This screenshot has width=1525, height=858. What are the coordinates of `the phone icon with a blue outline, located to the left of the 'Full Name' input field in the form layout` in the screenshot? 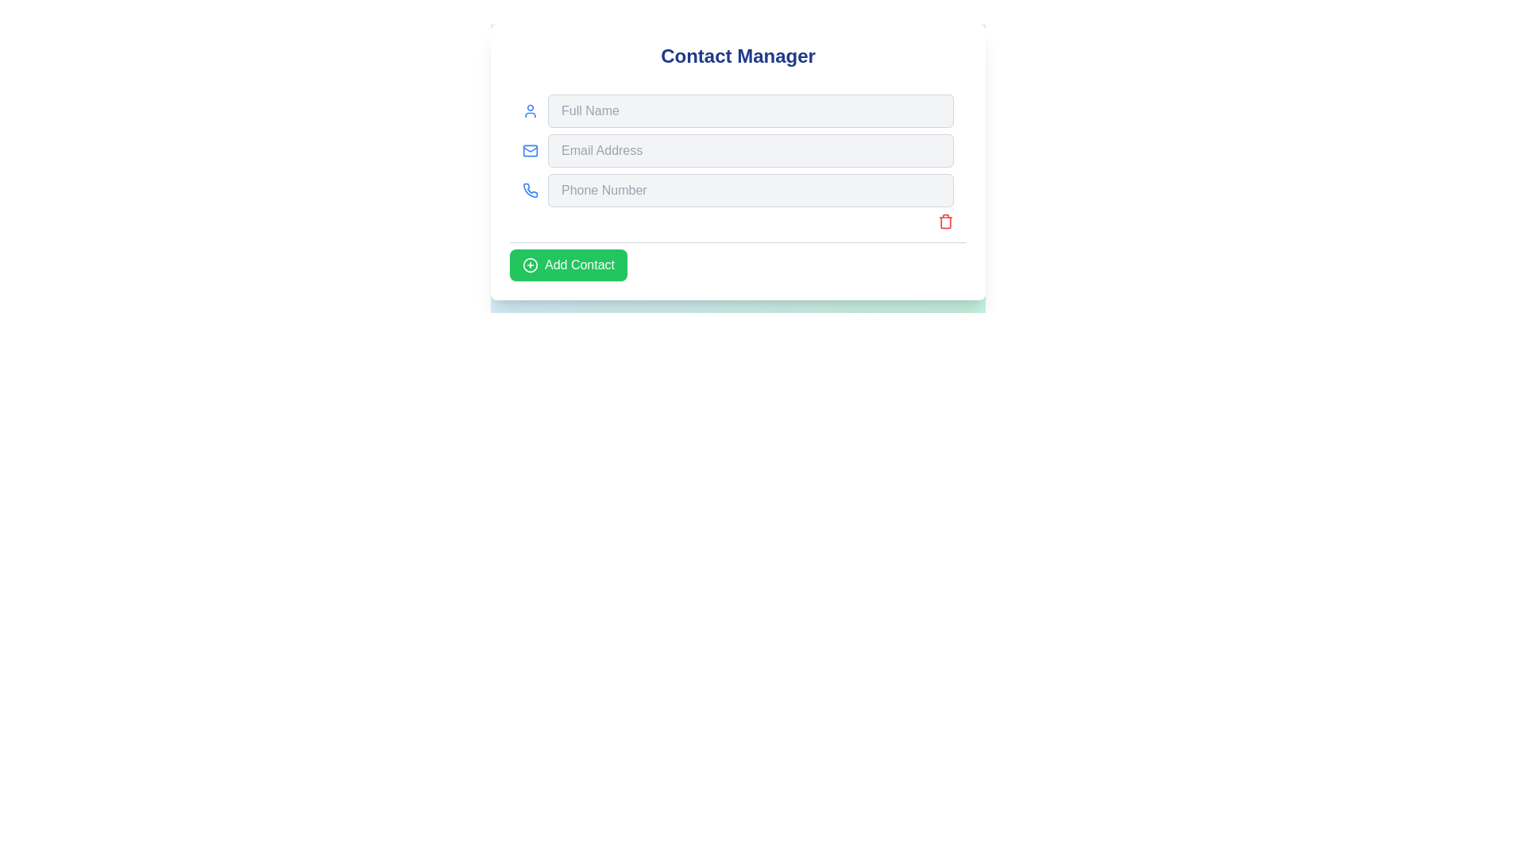 It's located at (530, 189).